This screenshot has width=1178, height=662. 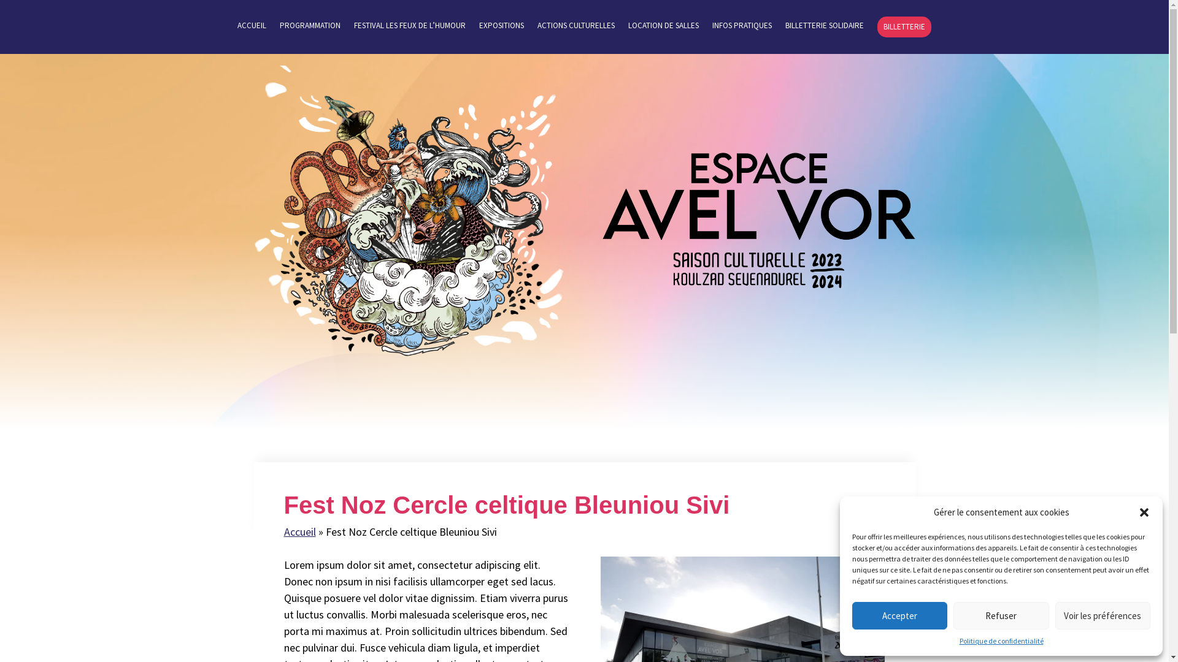 I want to click on 'BILLETTERIE SOLIDAIRE', so click(x=825, y=28).